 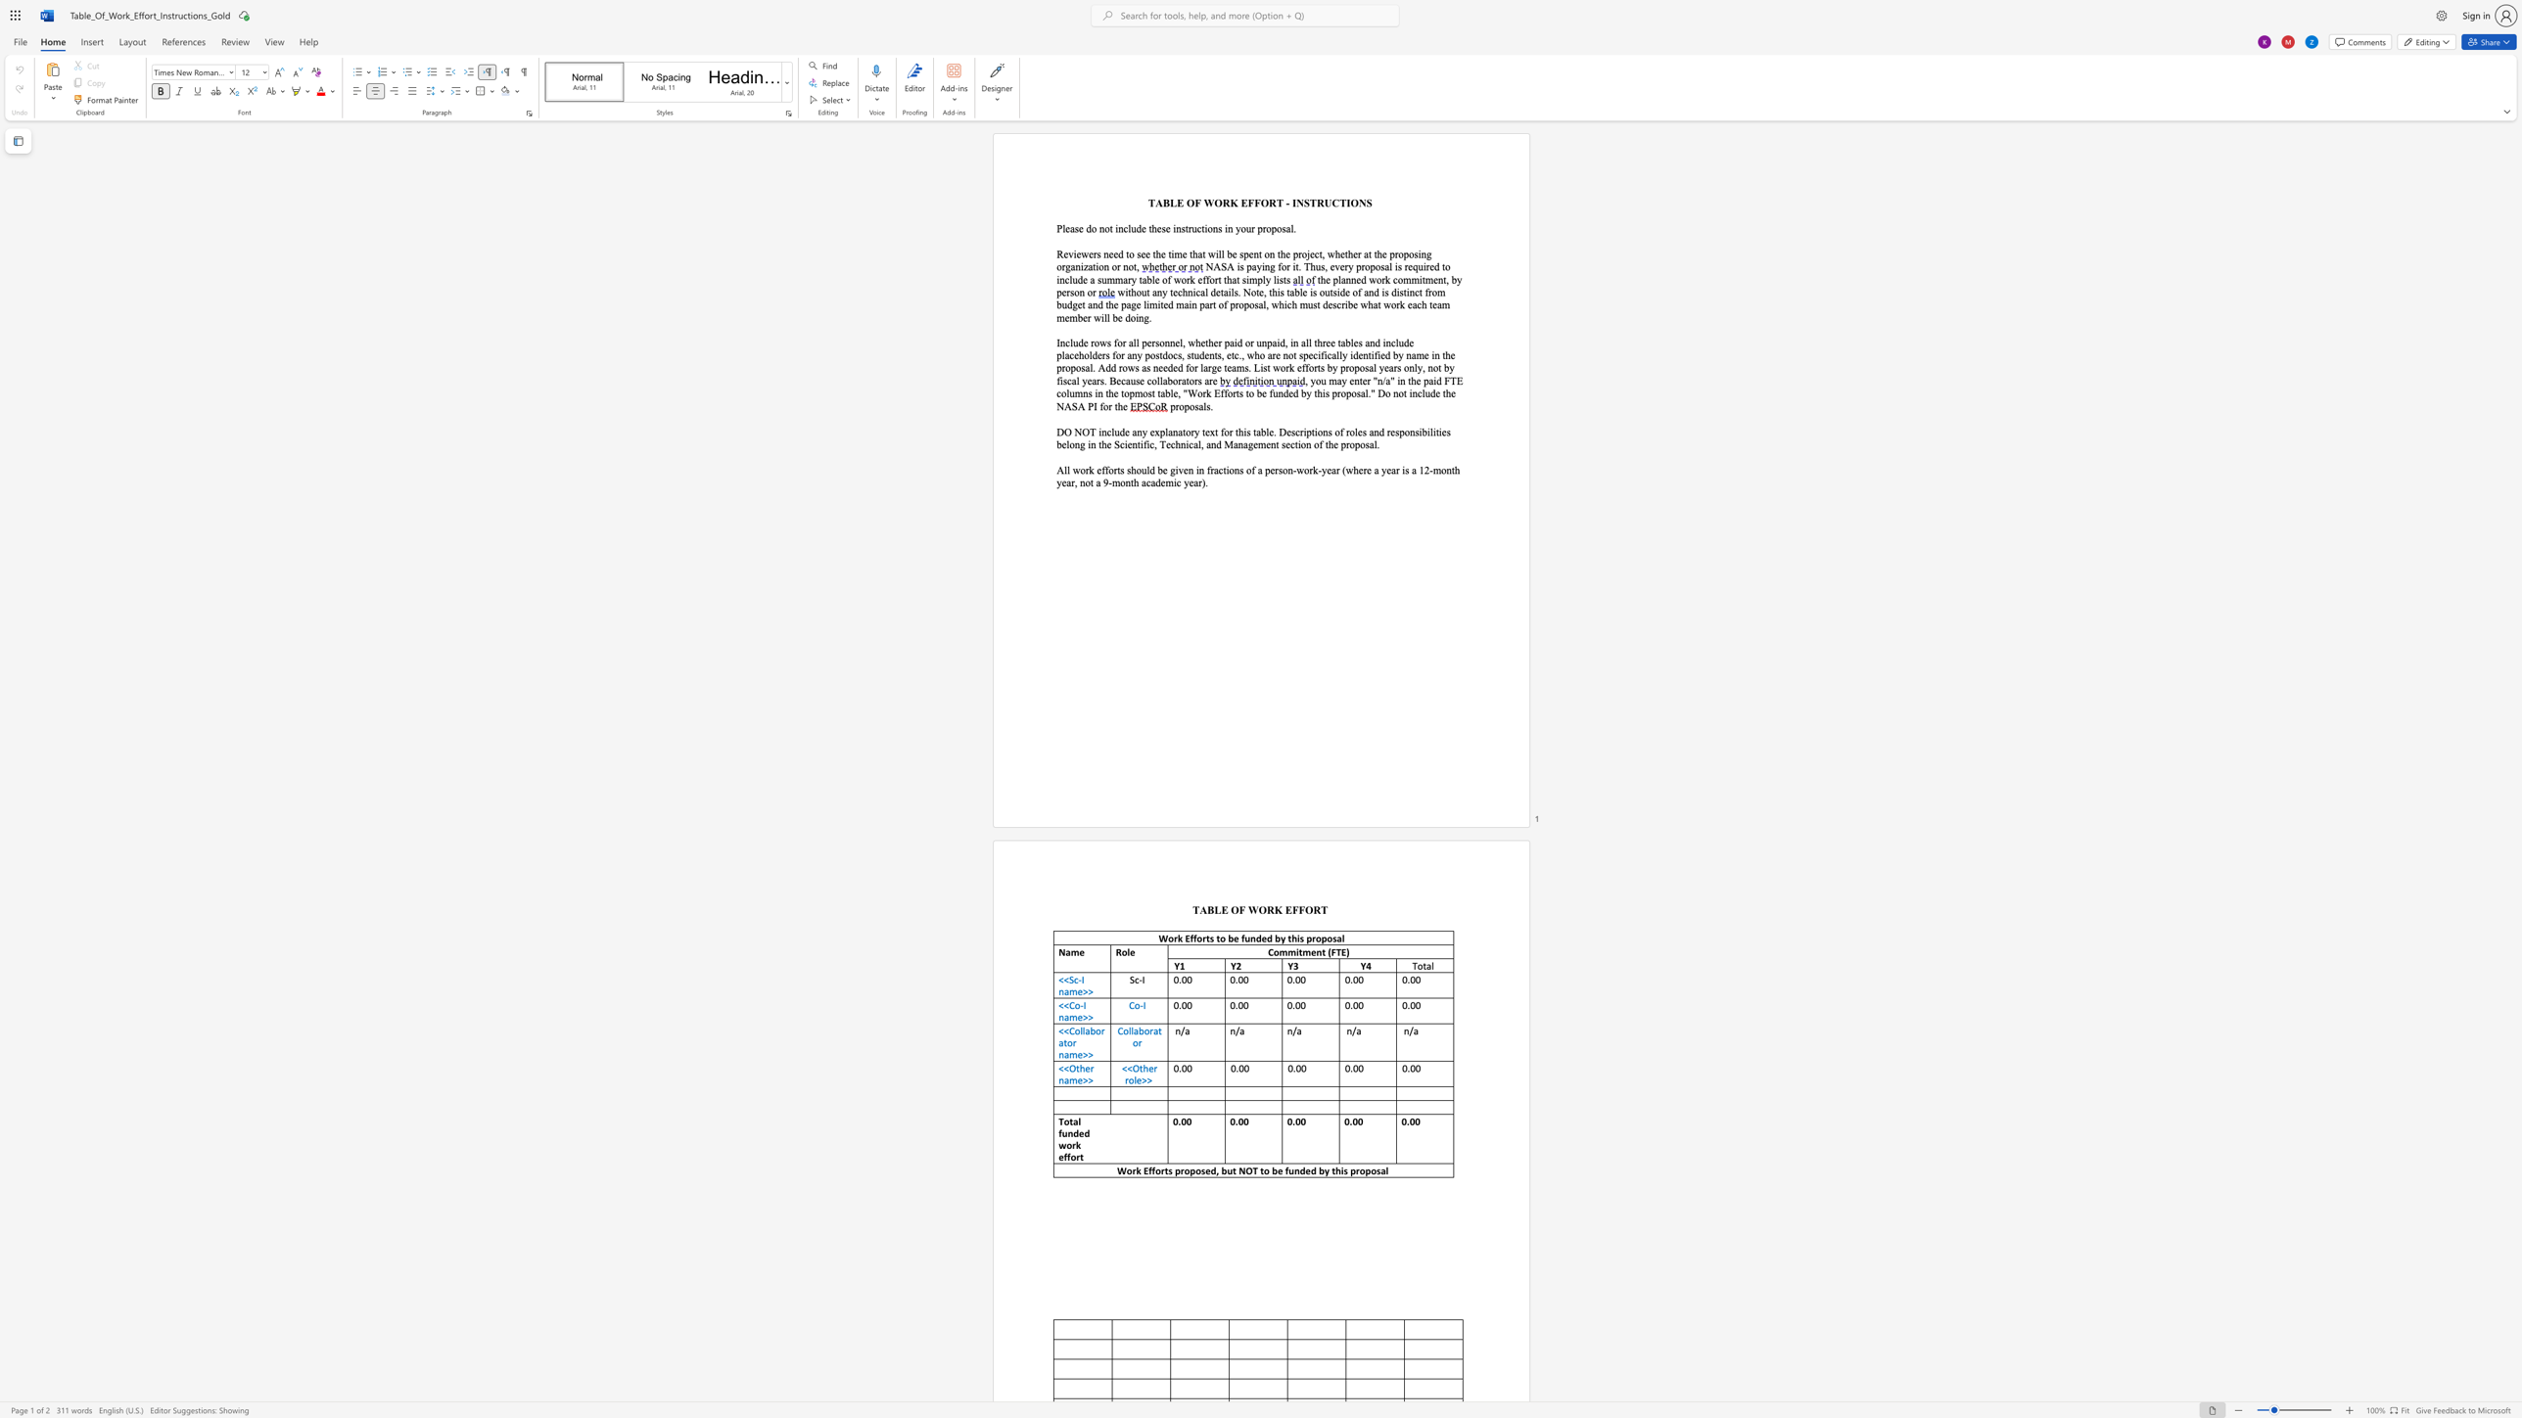 What do you see at coordinates (1328, 203) in the screenshot?
I see `the 1th character "U" in the text` at bounding box center [1328, 203].